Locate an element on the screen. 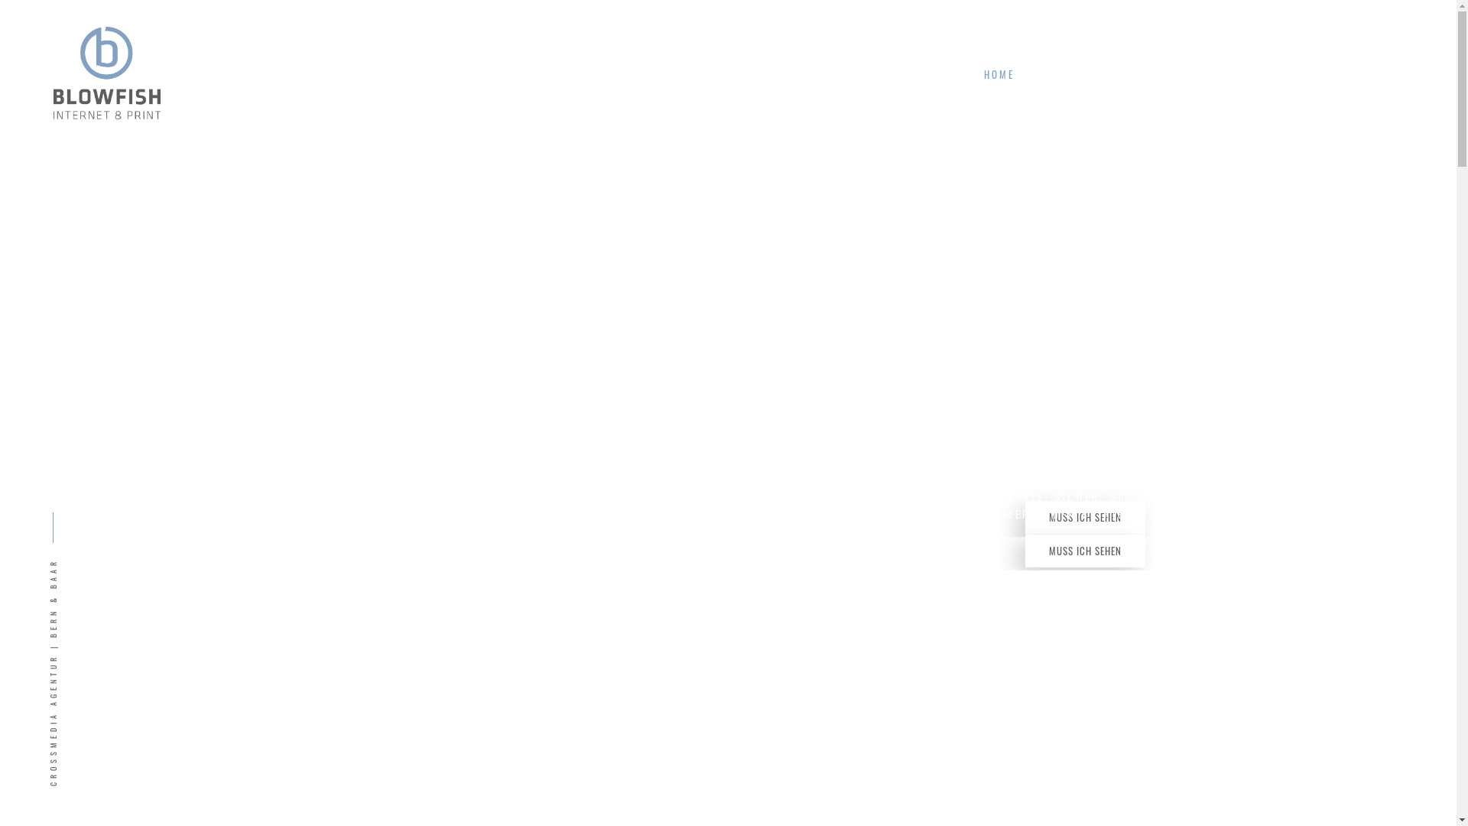 Image resolution: width=1468 pixels, height=826 pixels. 'MUSS ICH SEHEN' is located at coordinates (1024, 516).